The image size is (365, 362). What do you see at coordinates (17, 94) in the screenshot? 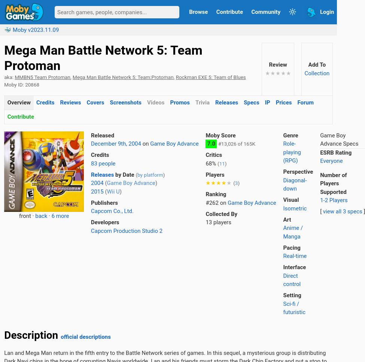
I see `'GameSpot'` at bounding box center [17, 94].